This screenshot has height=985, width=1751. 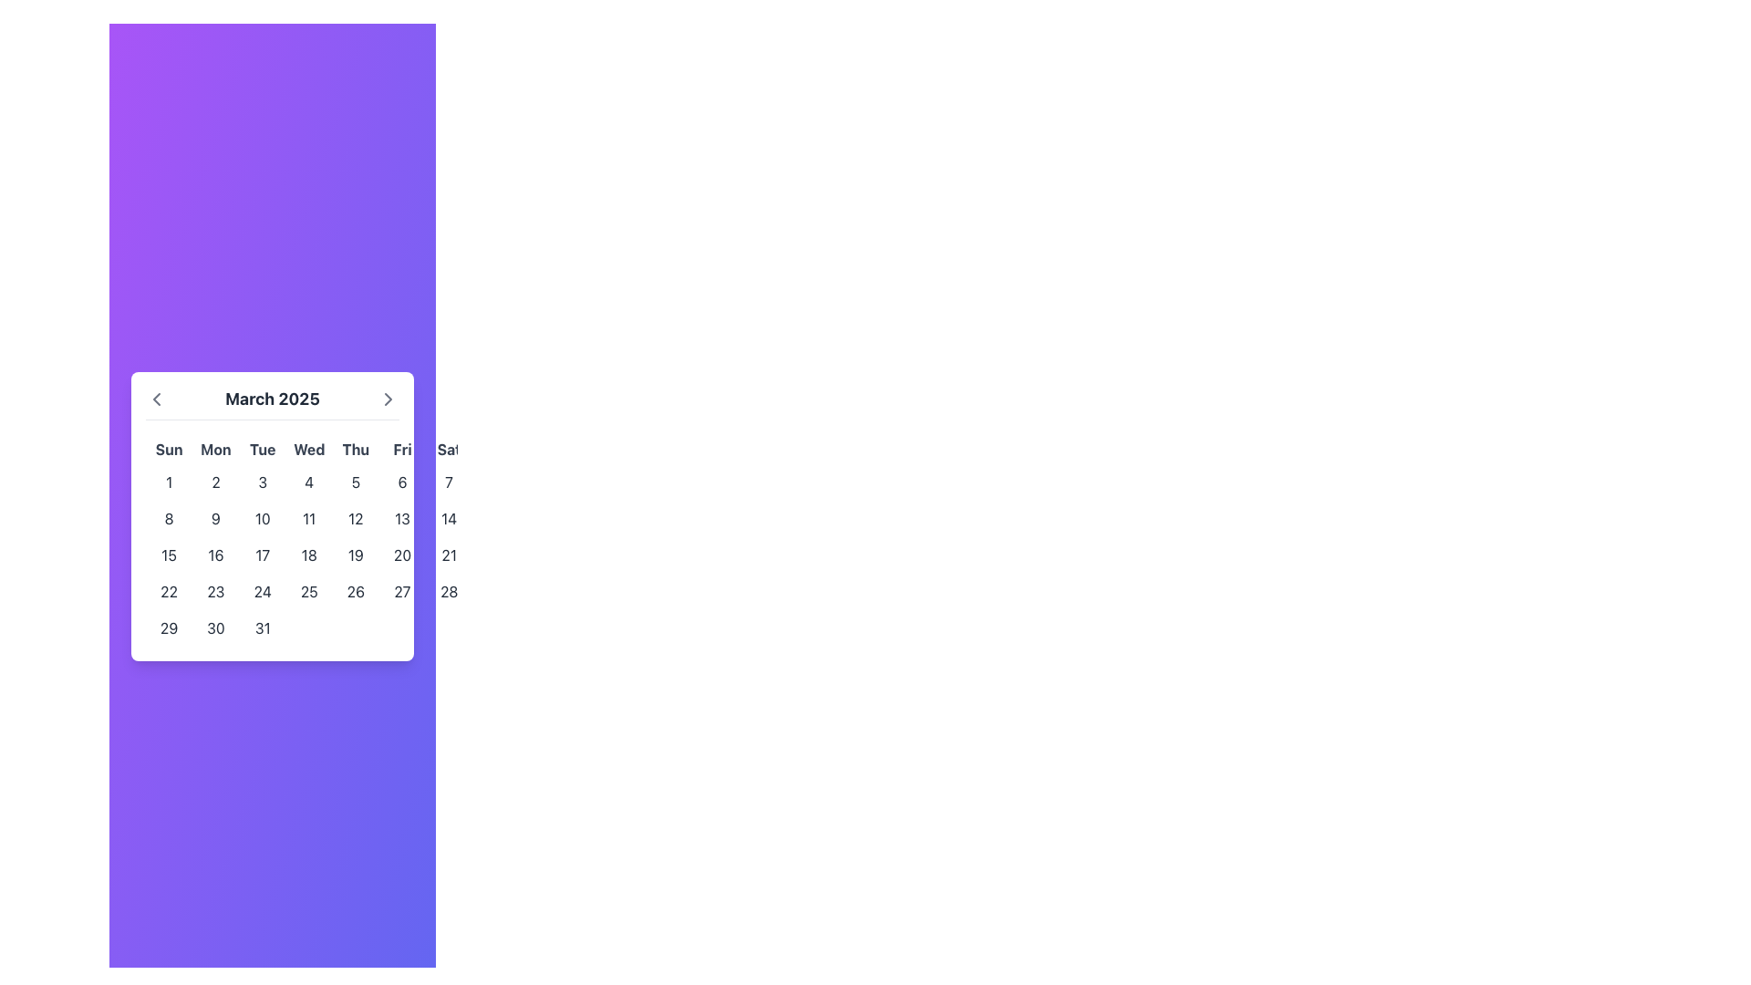 I want to click on the Calendar Date Cell displaying the number '23' in bold black font, so click(x=215, y=591).